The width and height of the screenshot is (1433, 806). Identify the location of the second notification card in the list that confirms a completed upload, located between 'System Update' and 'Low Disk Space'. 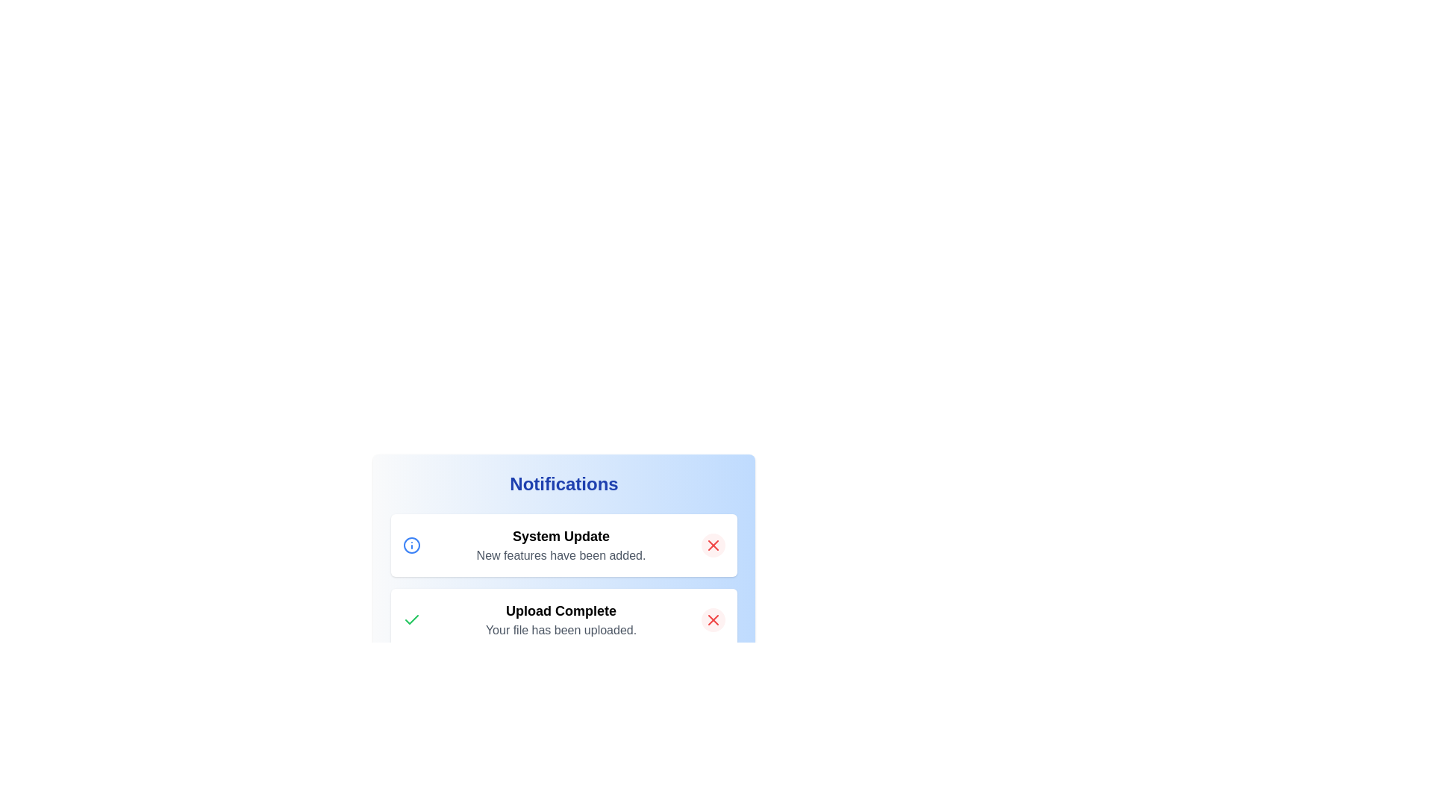
(563, 619).